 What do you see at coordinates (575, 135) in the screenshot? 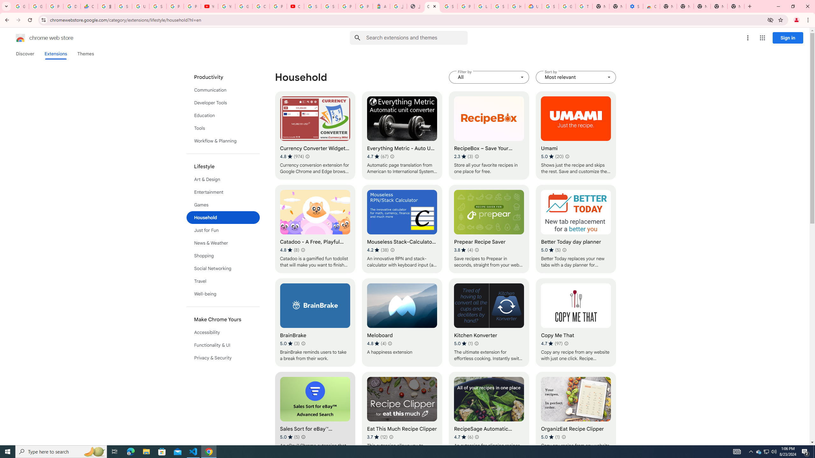
I see `'Umami'` at bounding box center [575, 135].